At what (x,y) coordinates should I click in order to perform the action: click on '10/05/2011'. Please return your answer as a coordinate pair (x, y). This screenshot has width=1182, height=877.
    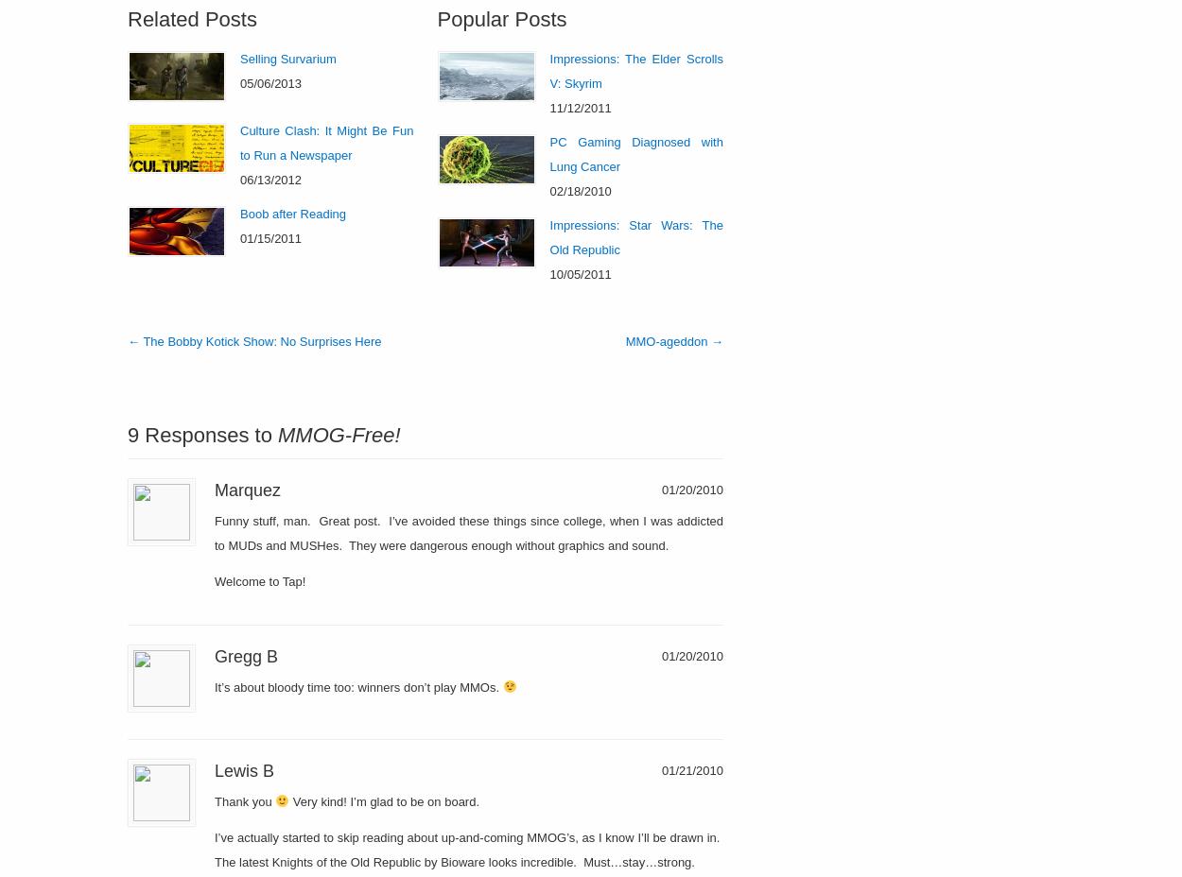
    Looking at the image, I should click on (579, 272).